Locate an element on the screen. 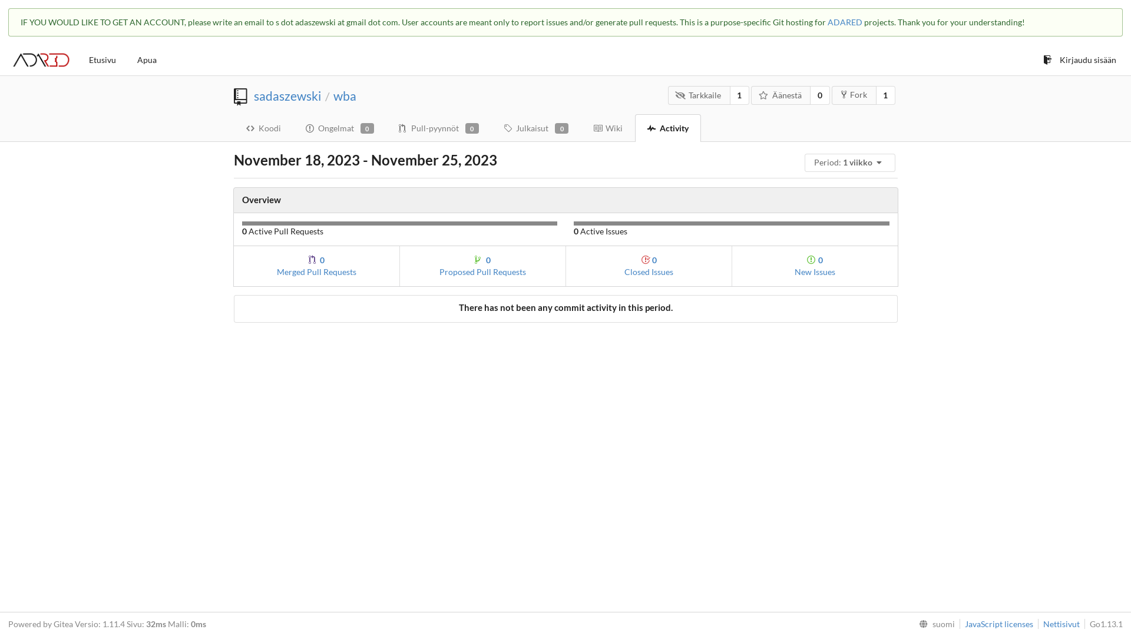 The height and width of the screenshot is (636, 1131). '0 is located at coordinates (647, 266).